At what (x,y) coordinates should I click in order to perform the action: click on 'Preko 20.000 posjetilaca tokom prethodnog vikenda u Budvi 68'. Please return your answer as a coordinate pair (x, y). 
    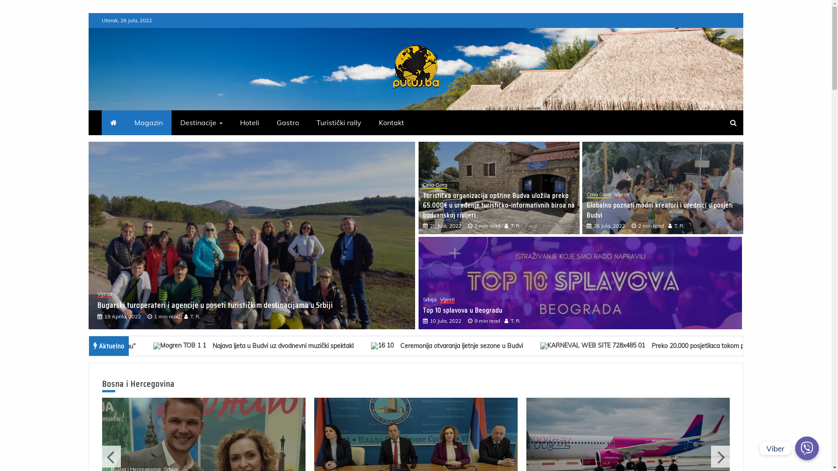
    Looking at the image, I should click on (624, 345).